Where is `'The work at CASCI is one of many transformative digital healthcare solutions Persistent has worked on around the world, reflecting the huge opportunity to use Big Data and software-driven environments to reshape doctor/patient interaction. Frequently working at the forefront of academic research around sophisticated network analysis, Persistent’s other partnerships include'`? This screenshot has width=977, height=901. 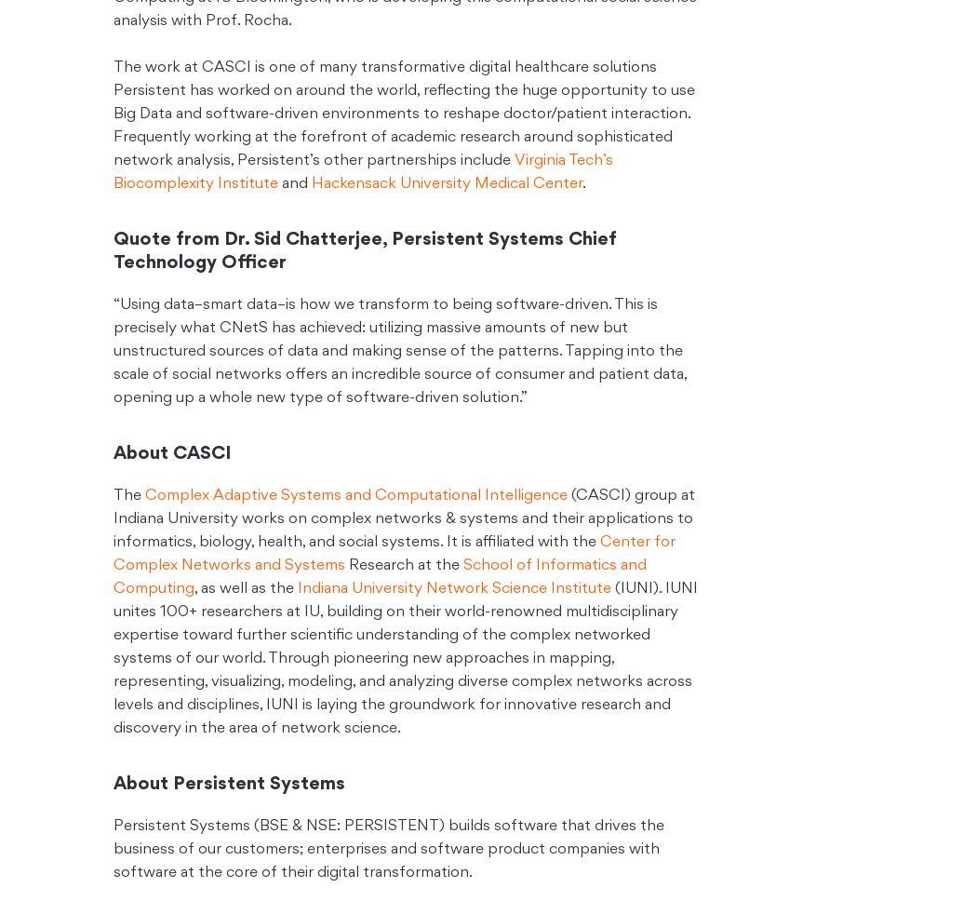
'The work at CASCI is one of many transformative digital healthcare solutions Persistent has worked on around the world, reflecting the huge opportunity to use Big Data and software-driven environments to reshape doctor/patient interaction. Frequently working at the forefront of academic research around sophisticated network analysis, Persistent’s other partnerships include' is located at coordinates (403, 114).